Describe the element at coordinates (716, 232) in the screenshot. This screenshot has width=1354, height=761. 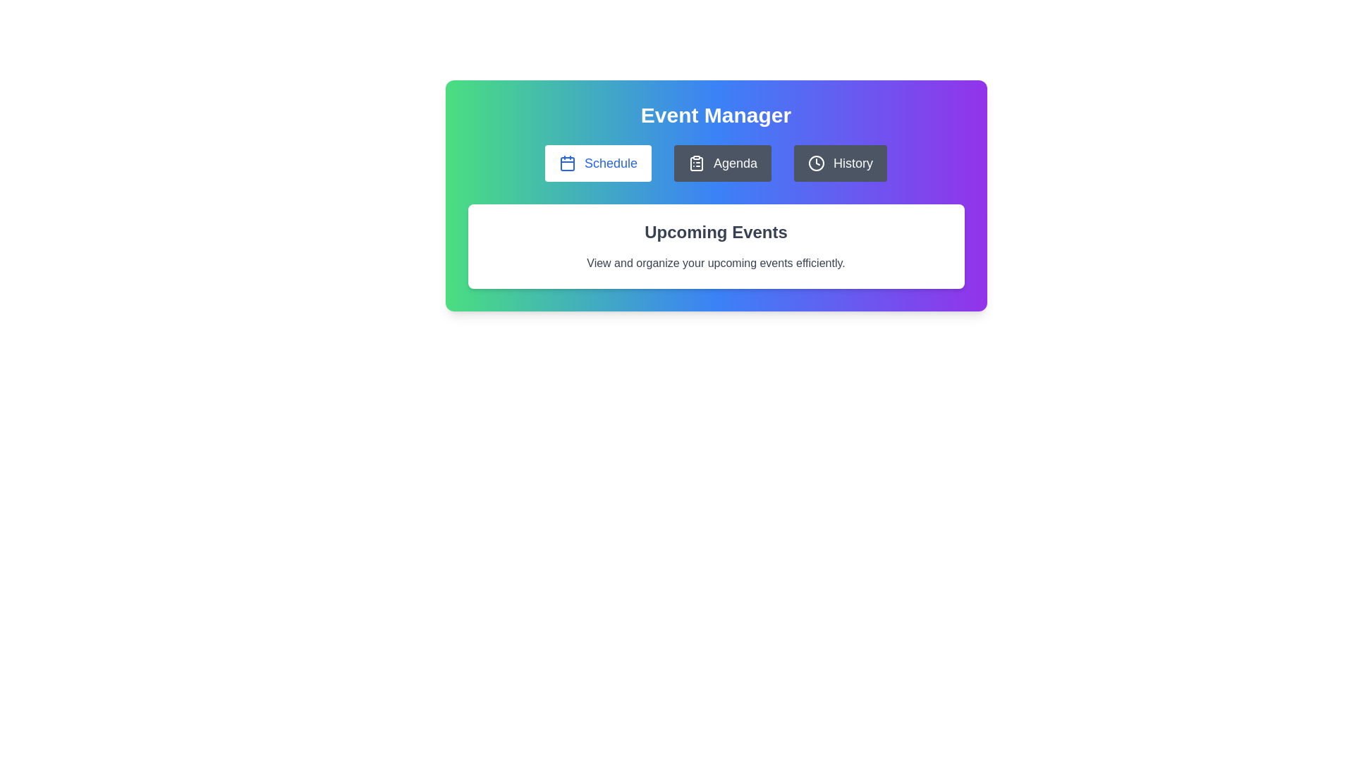
I see `the title text that introduces upcoming events located under the 'Event Manager' header` at that location.